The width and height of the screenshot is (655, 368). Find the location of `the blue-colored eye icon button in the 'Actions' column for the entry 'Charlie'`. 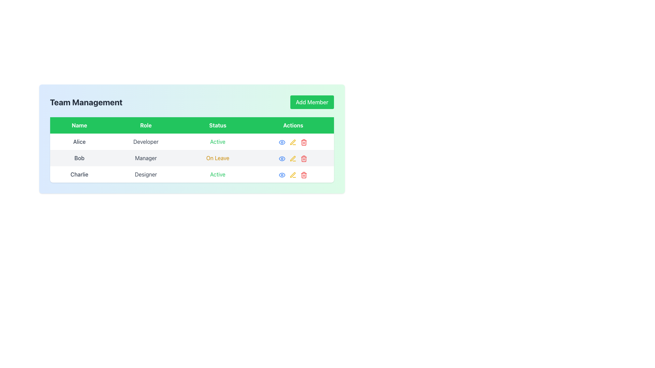

the blue-colored eye icon button in the 'Actions' column for the entry 'Charlie' is located at coordinates (282, 174).